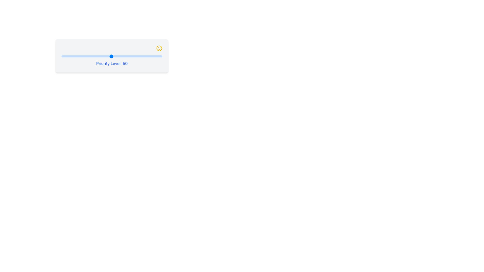  What do you see at coordinates (148, 56) in the screenshot?
I see `the priority level` at bounding box center [148, 56].